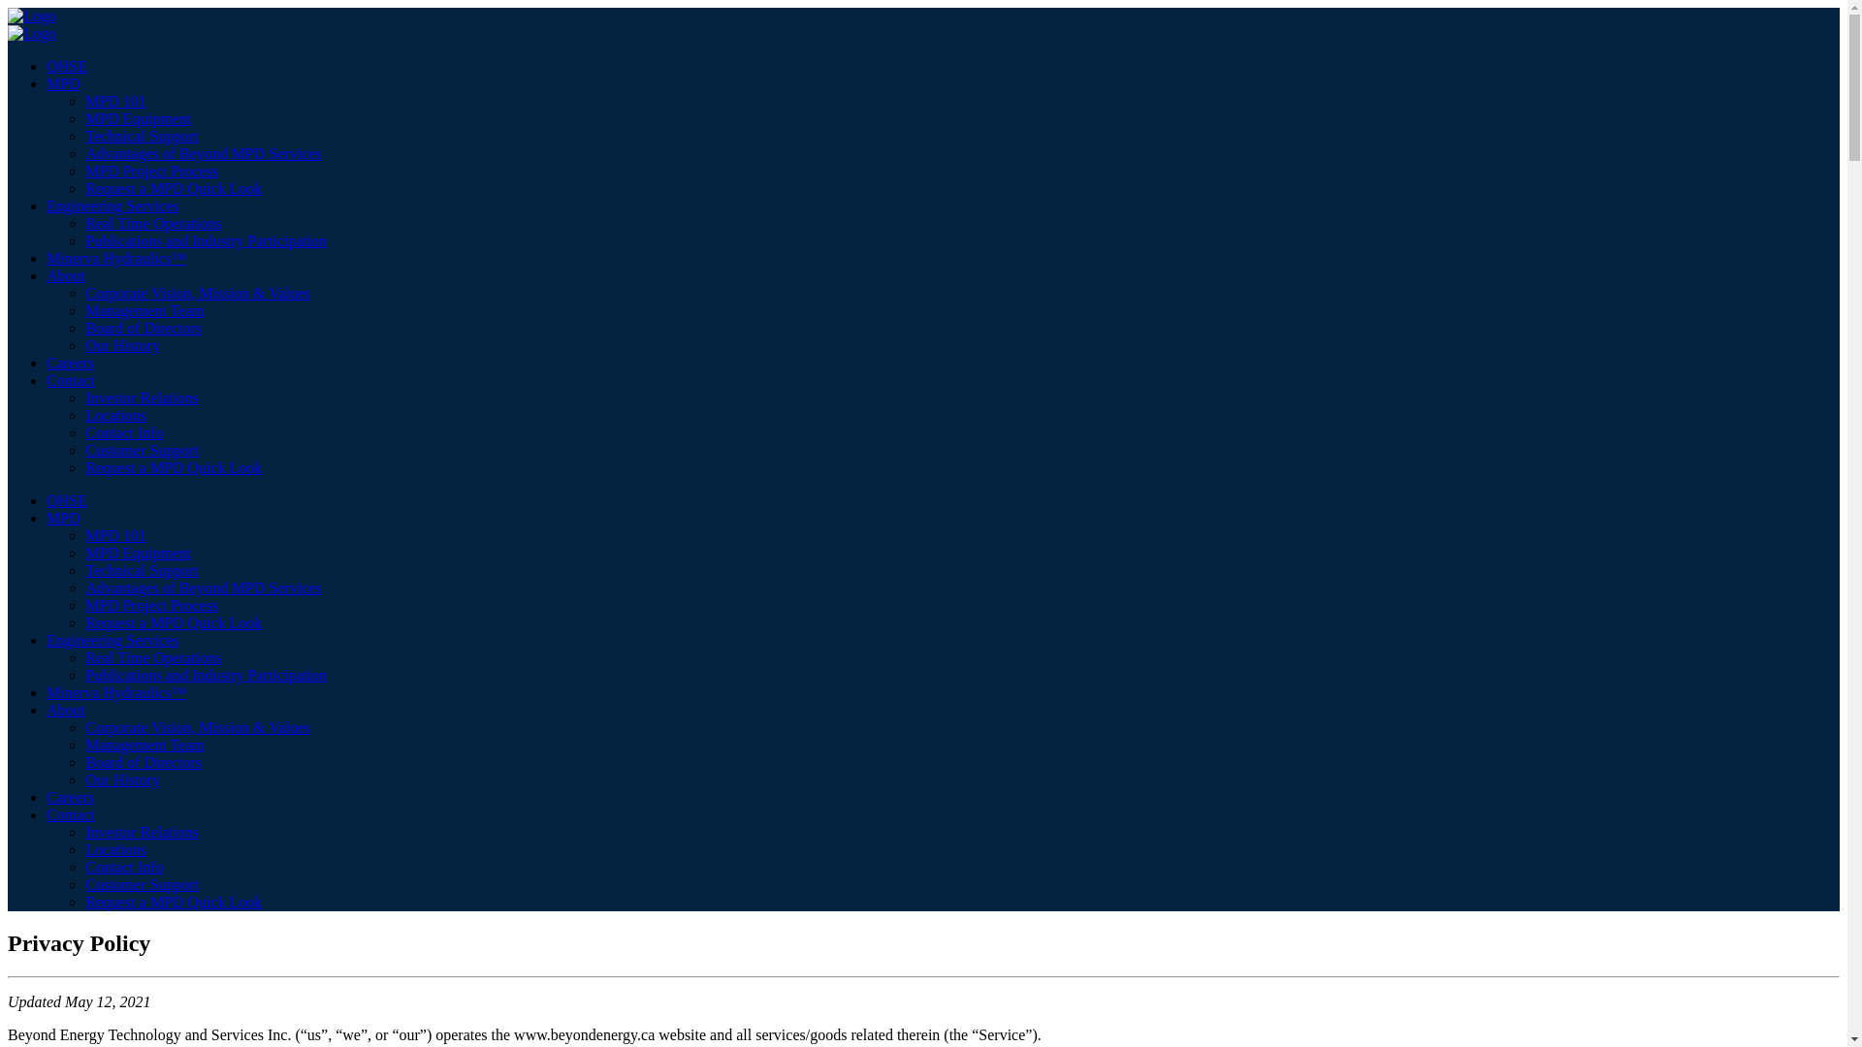 This screenshot has width=1862, height=1047. What do you see at coordinates (150, 604) in the screenshot?
I see `'MPD Project Process'` at bounding box center [150, 604].